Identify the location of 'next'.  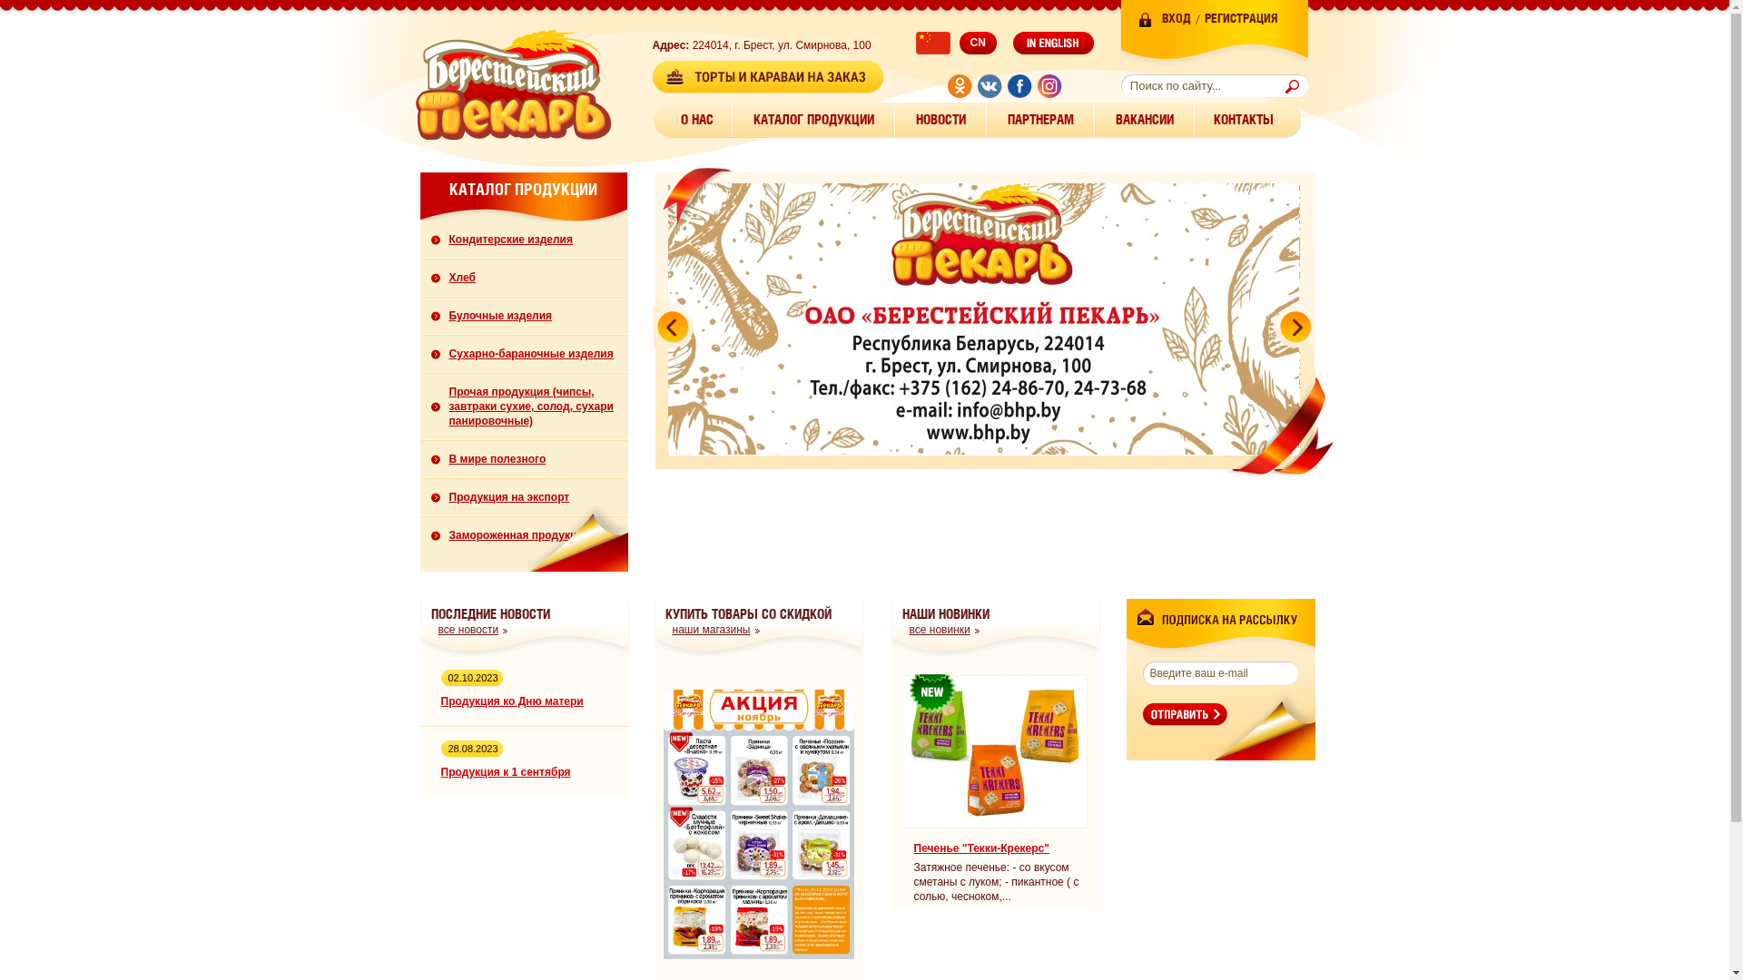
(1292, 324).